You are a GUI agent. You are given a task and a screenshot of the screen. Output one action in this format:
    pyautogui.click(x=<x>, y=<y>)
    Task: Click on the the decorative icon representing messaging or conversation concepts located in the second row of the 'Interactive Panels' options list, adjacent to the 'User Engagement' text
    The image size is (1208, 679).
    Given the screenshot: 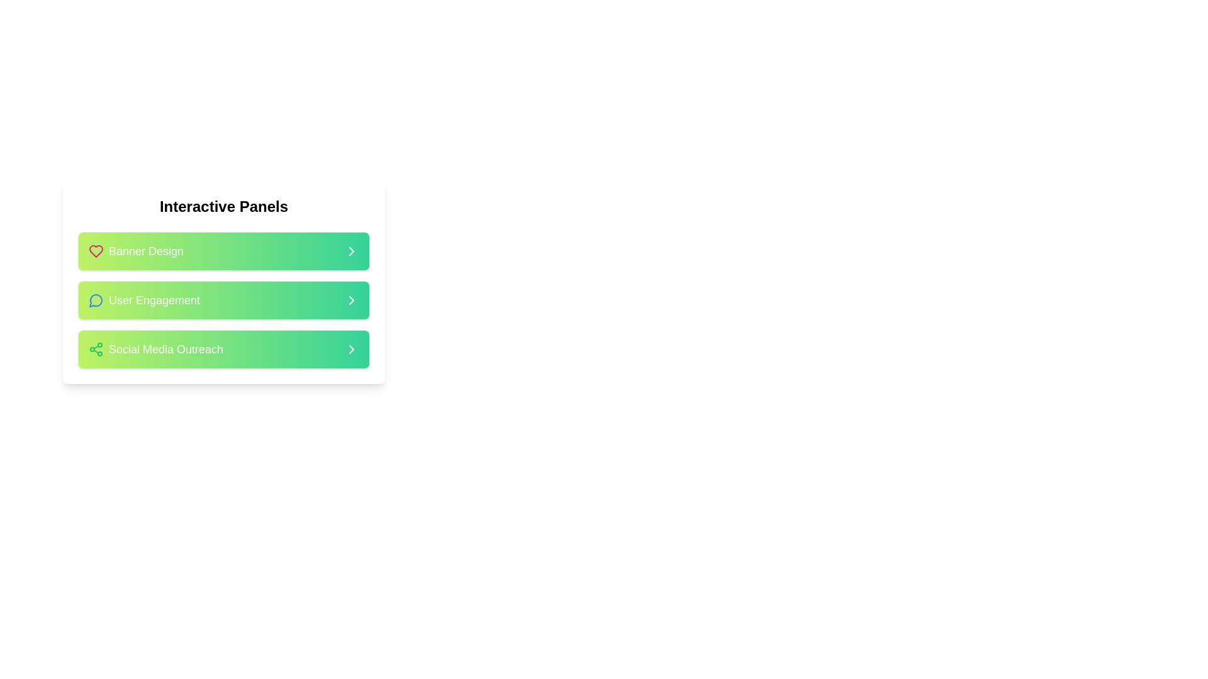 What is the action you would take?
    pyautogui.click(x=96, y=301)
    